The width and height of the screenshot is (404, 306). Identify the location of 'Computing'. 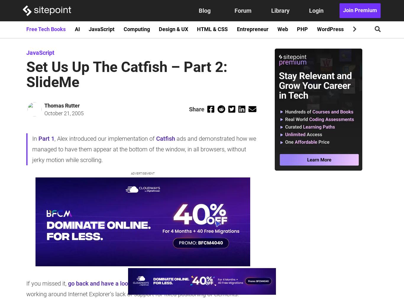
(136, 29).